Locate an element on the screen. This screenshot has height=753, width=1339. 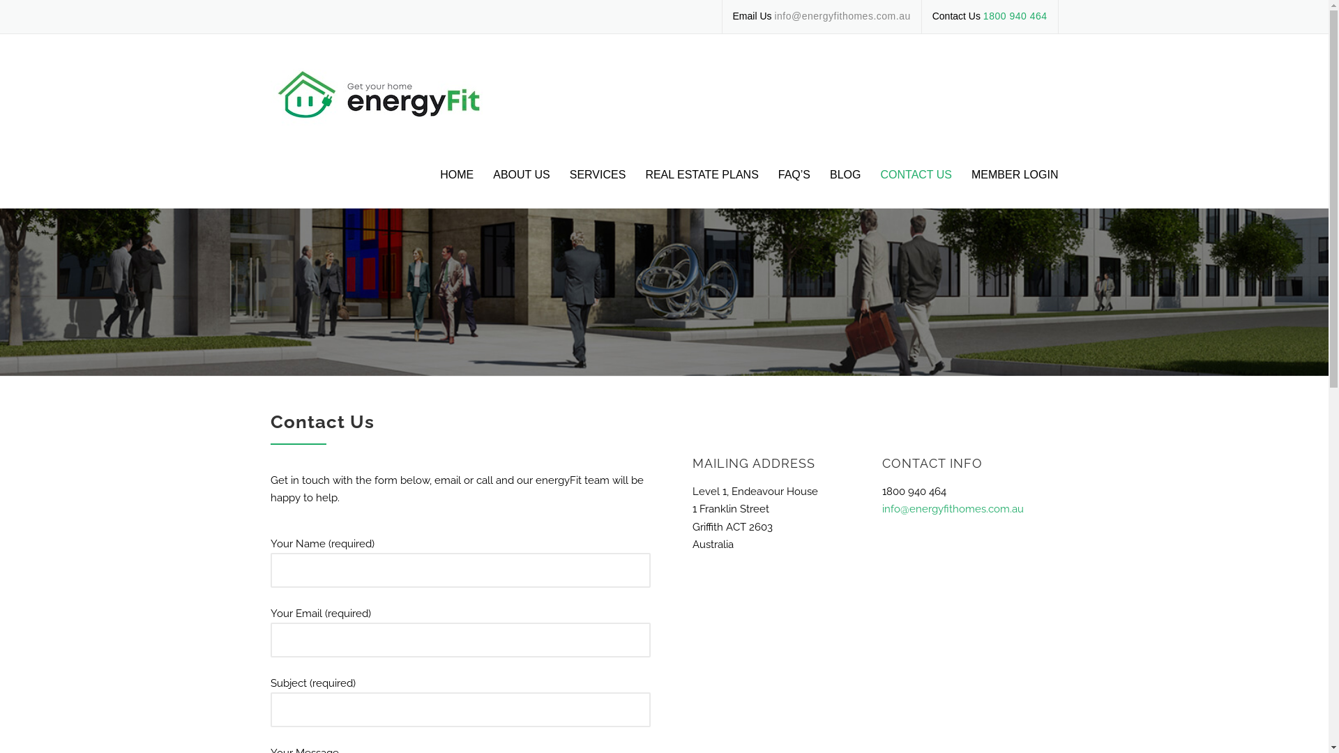
'BLOG' is located at coordinates (845, 185).